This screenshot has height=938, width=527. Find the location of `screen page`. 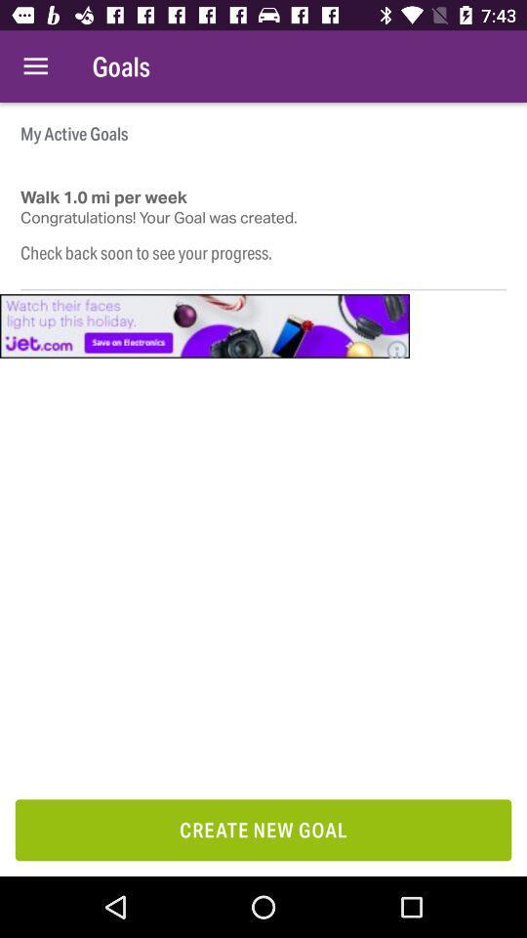

screen page is located at coordinates (204, 325).